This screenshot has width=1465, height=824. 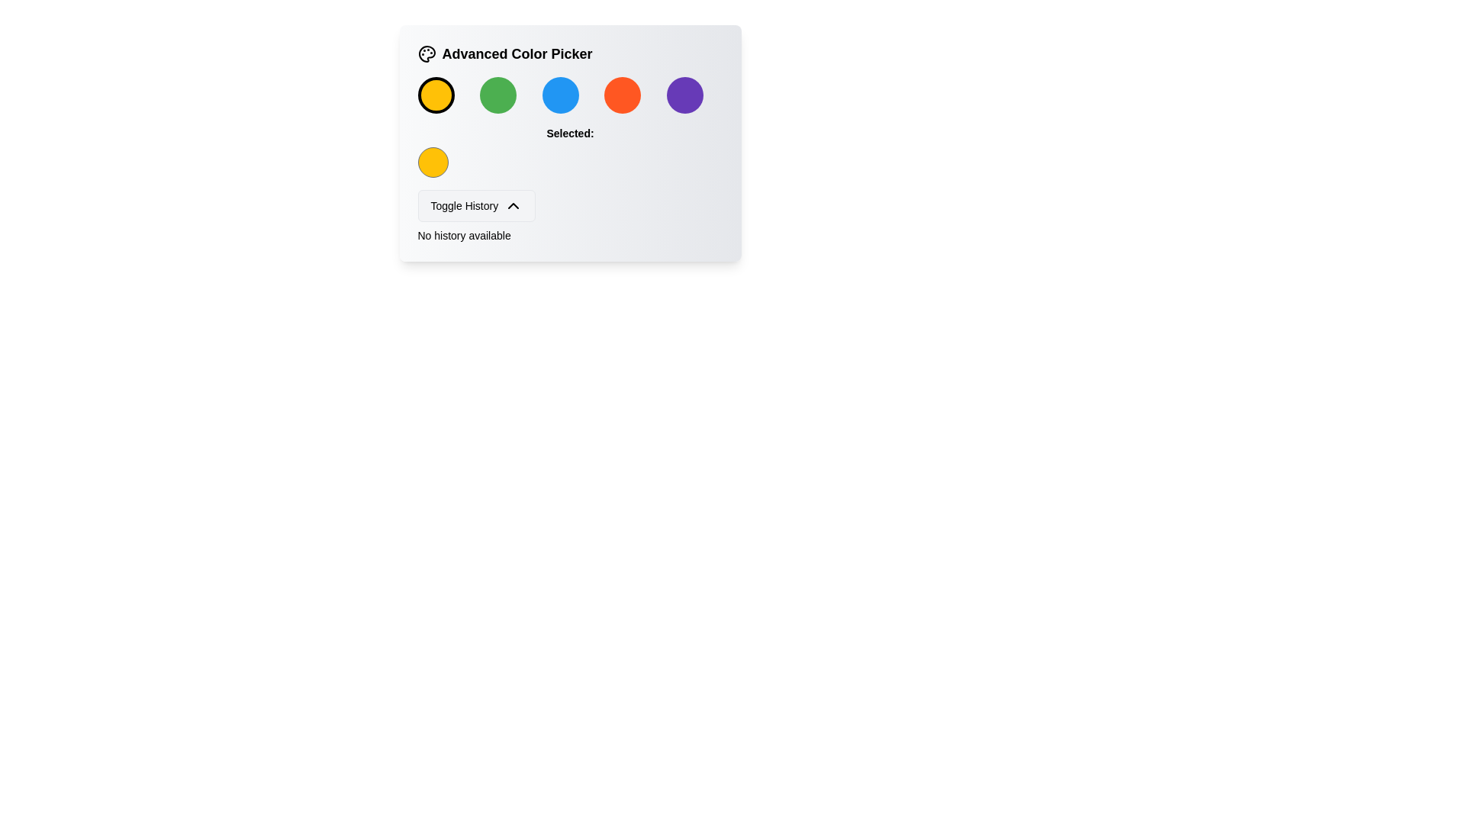 I want to click on the chevron-shaped icon resembling an upward-pointing triangle located at the right-end of the 'Toggle History' button to receive feedback, so click(x=514, y=206).